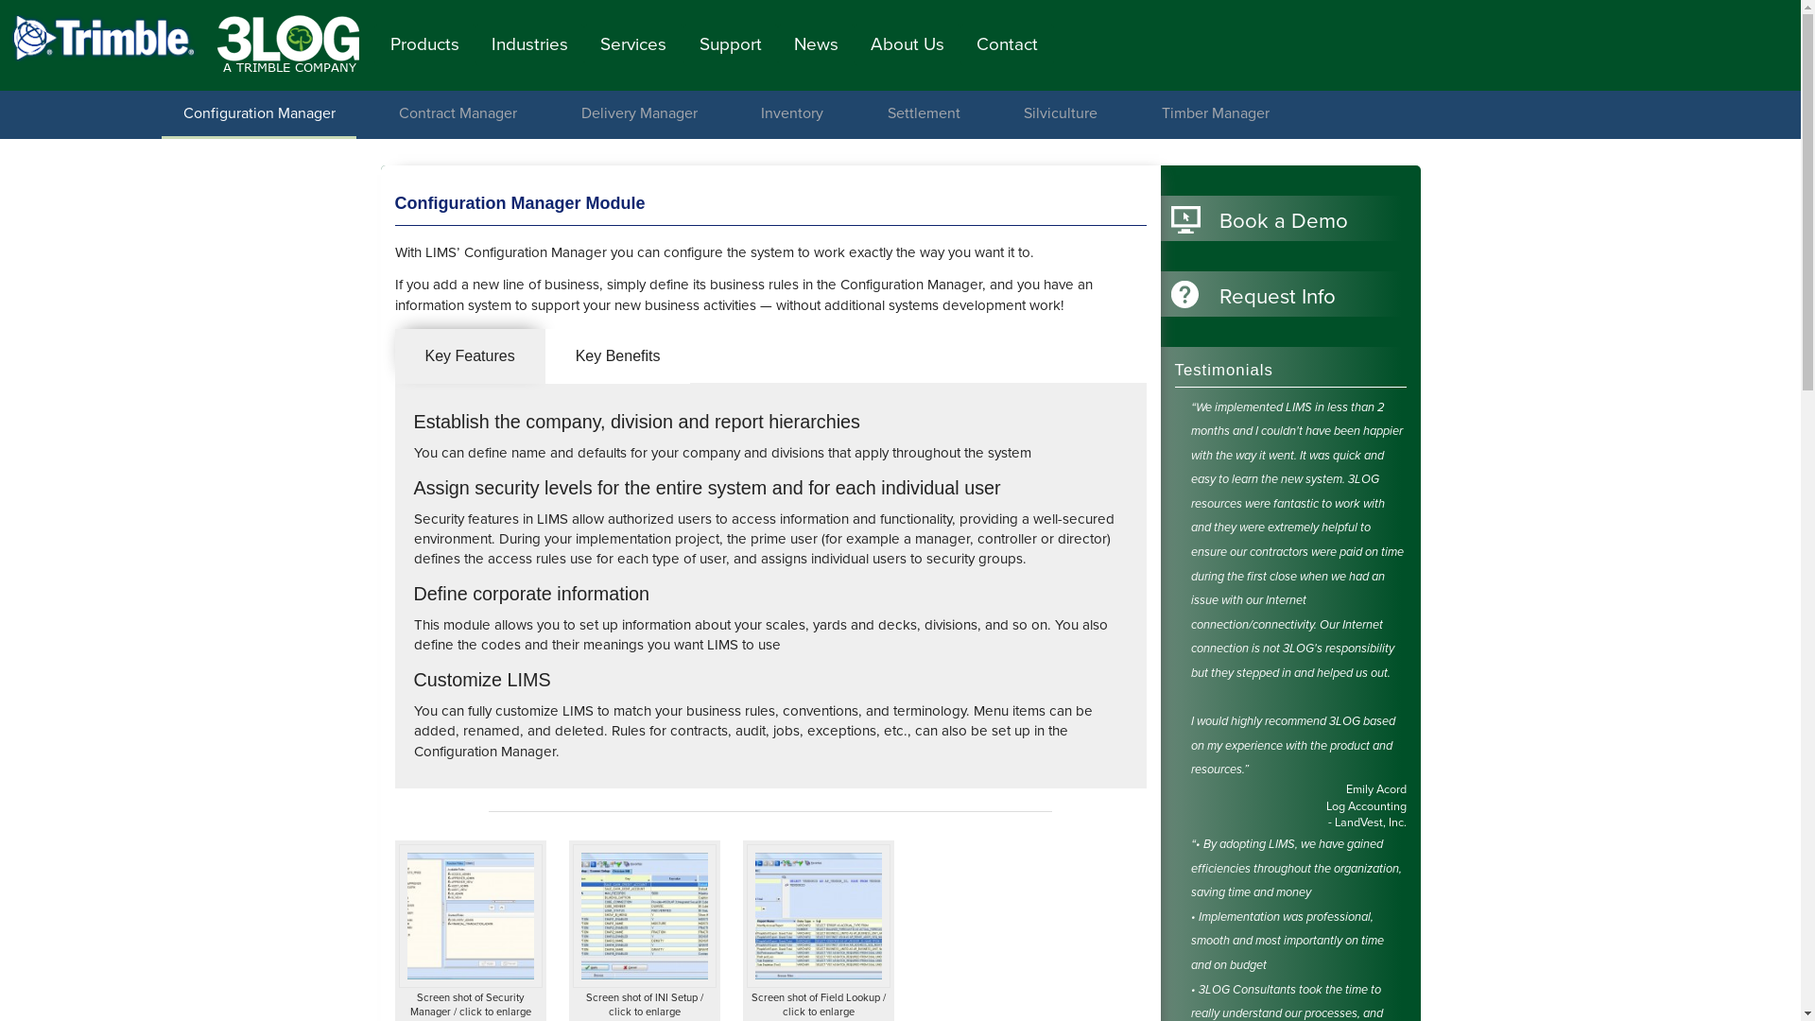  I want to click on 'Services', so click(633, 43).